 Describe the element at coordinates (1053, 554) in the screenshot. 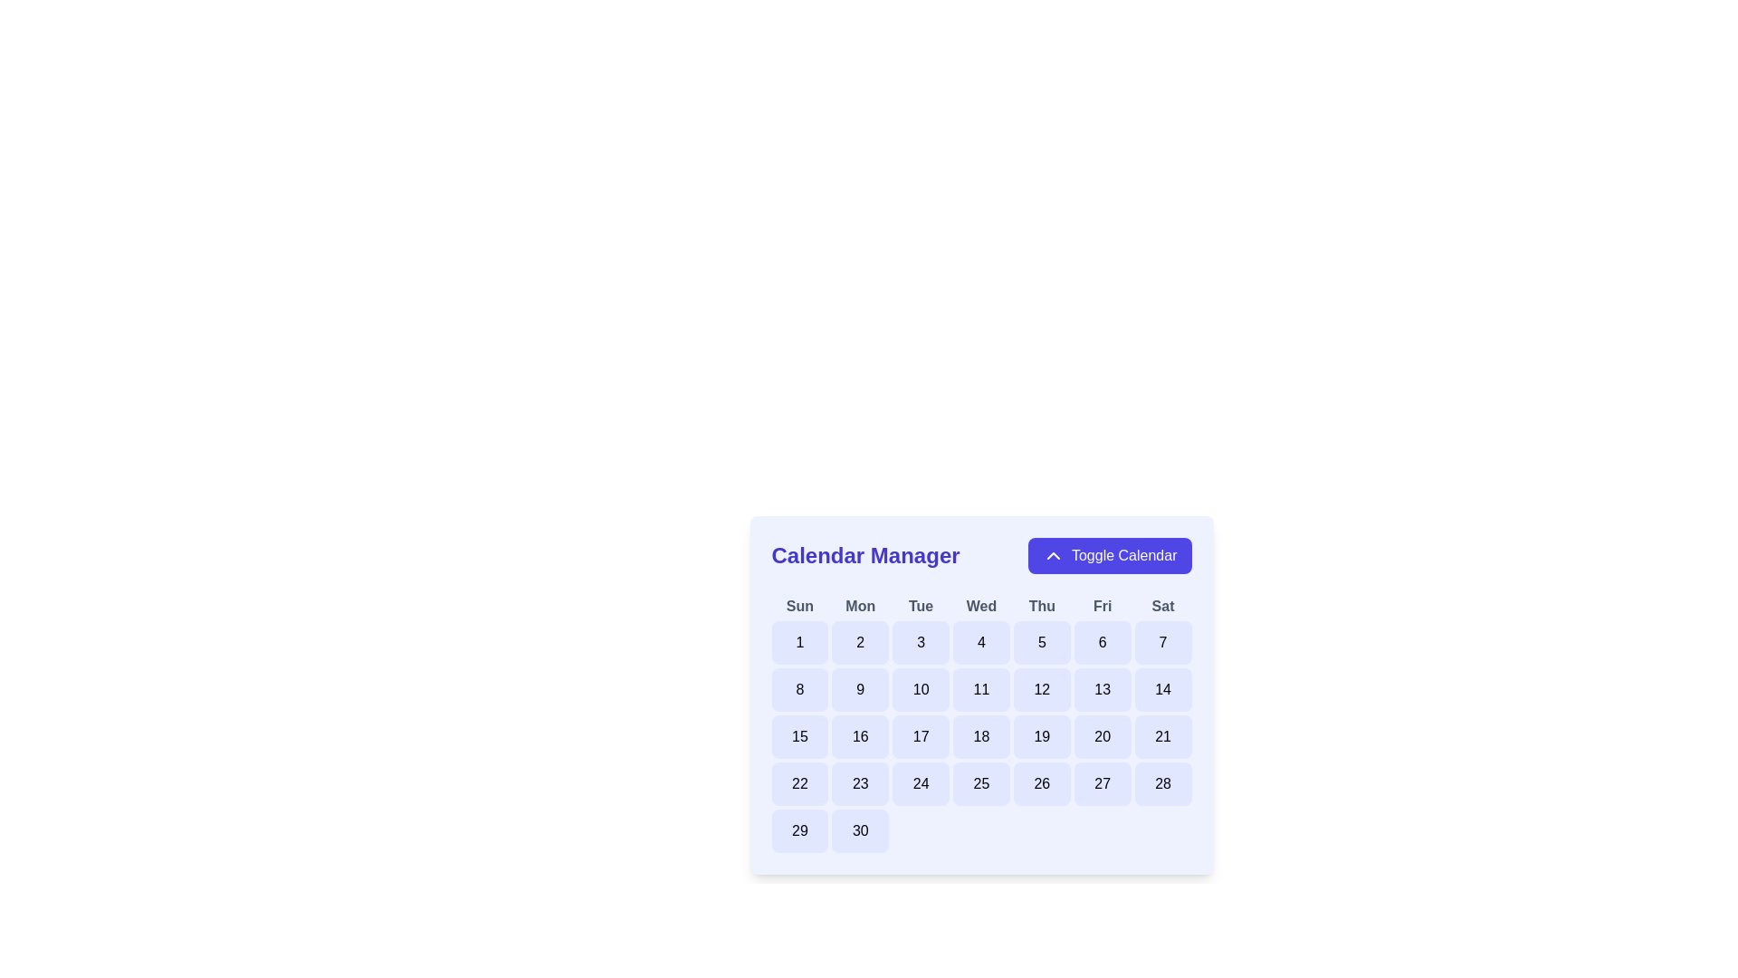

I see `the small upward-pointing chevron icon located within the blue 'Toggle Calendar' button at the top-right corner of the calendar component` at that location.